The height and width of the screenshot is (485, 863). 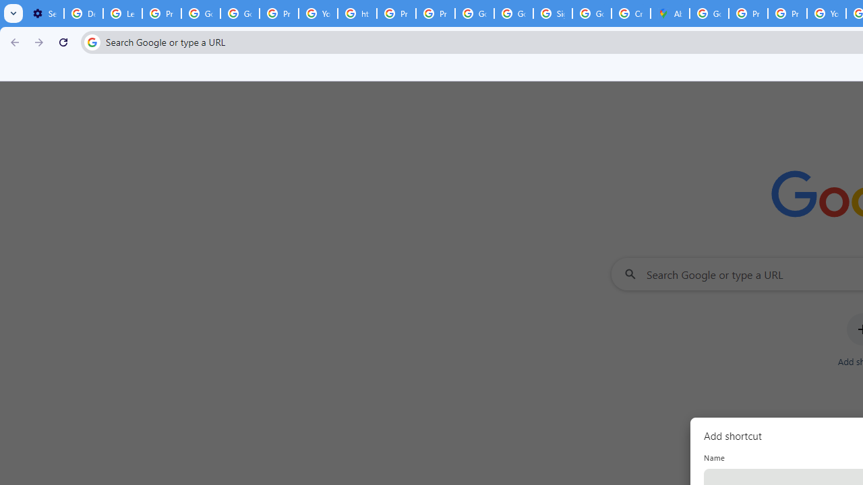 I want to click on 'Privacy Help Center - Policies Help', so click(x=396, y=13).